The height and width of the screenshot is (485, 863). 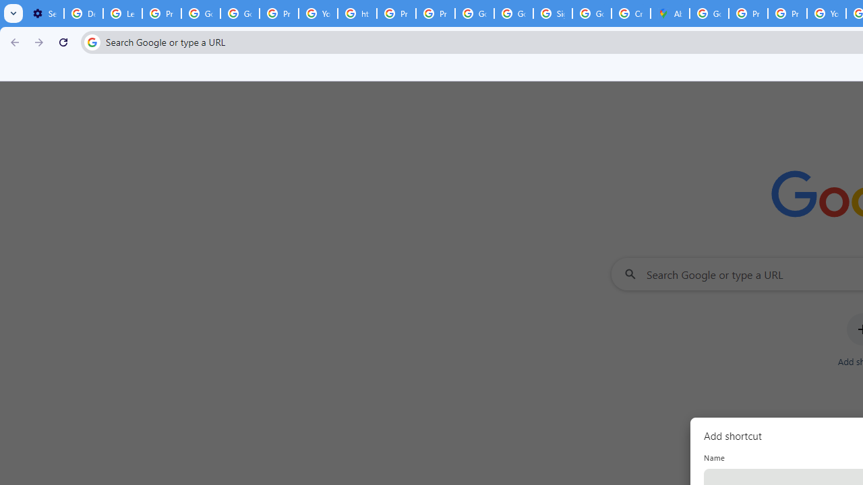 I want to click on 'Privacy Help Center - Policies Help', so click(x=396, y=13).